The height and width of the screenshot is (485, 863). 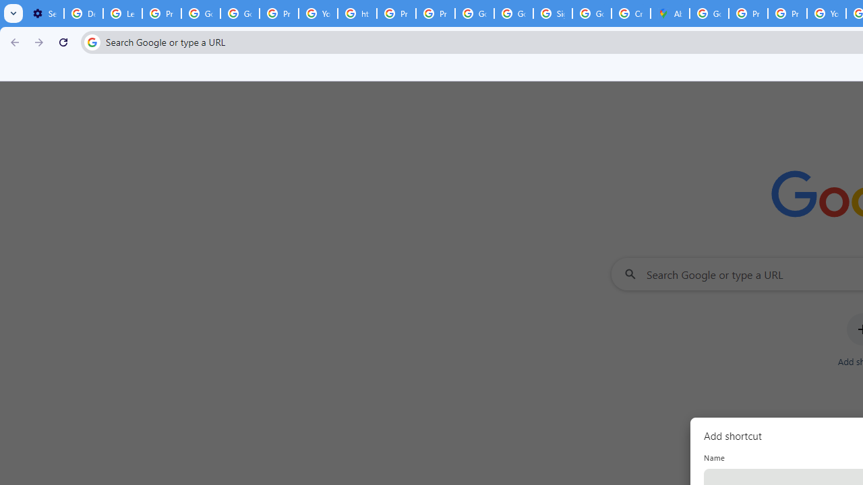 I want to click on 'Privacy Help Center - Policies Help', so click(x=396, y=13).